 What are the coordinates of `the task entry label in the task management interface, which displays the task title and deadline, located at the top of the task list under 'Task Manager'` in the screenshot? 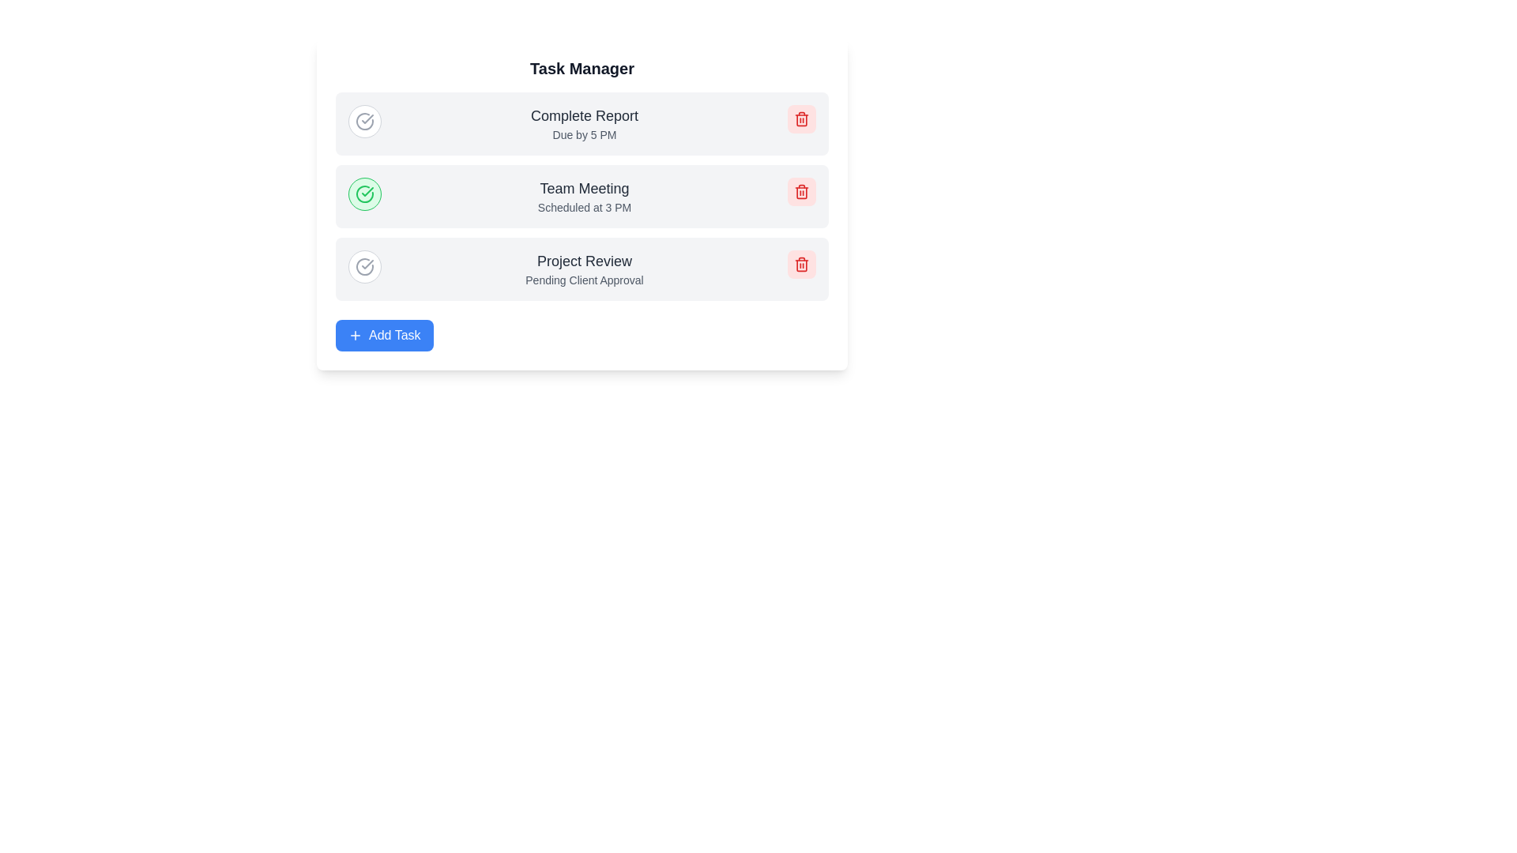 It's located at (583, 123).